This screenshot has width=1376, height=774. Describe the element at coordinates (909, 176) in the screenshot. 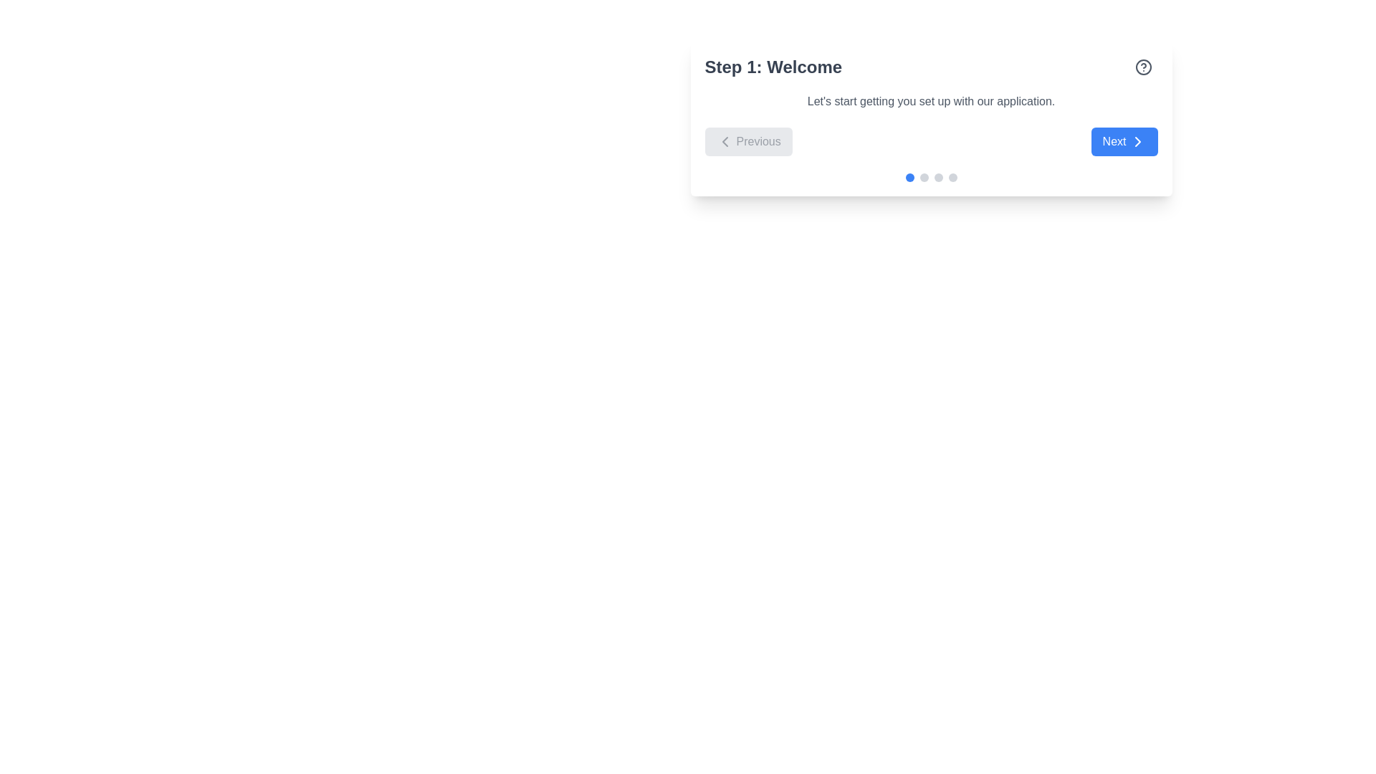

I see `the first blue circular pagination indicator in the bottom-center of the card, which signifies its active or selected status among other gray indicators` at that location.